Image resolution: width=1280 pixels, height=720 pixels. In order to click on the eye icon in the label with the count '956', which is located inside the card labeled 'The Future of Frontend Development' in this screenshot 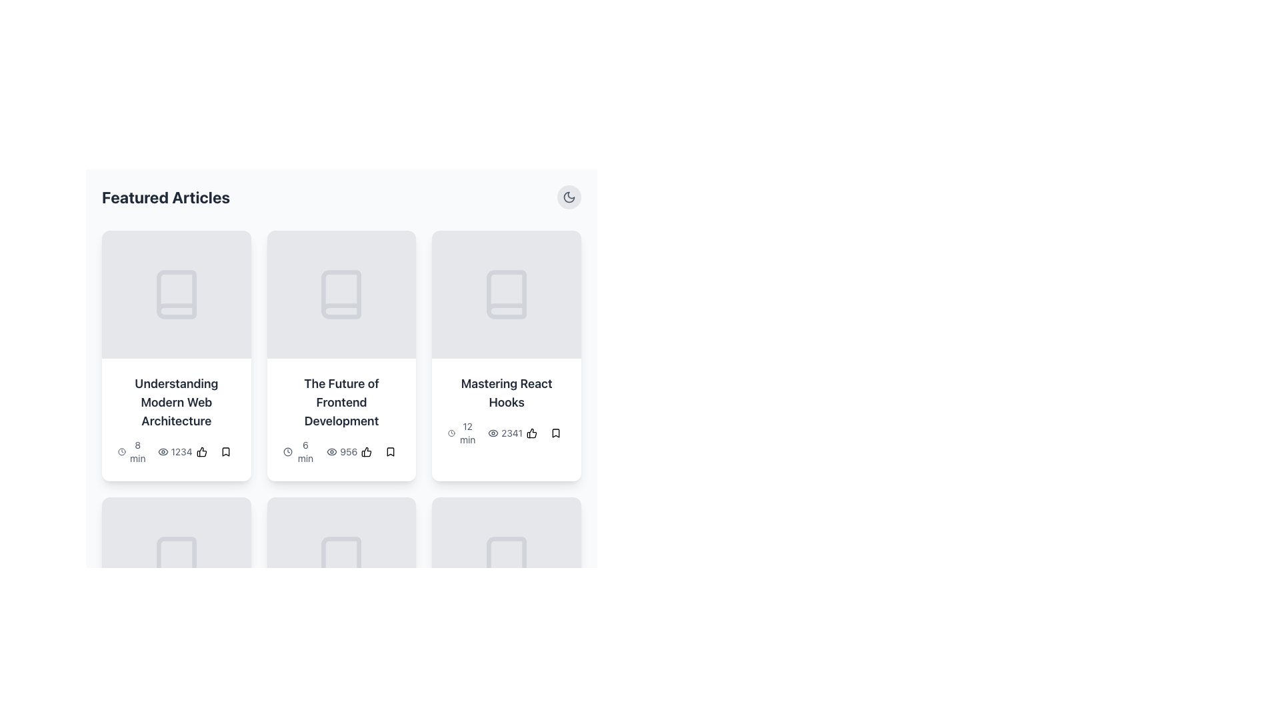, I will do `click(342, 451)`.